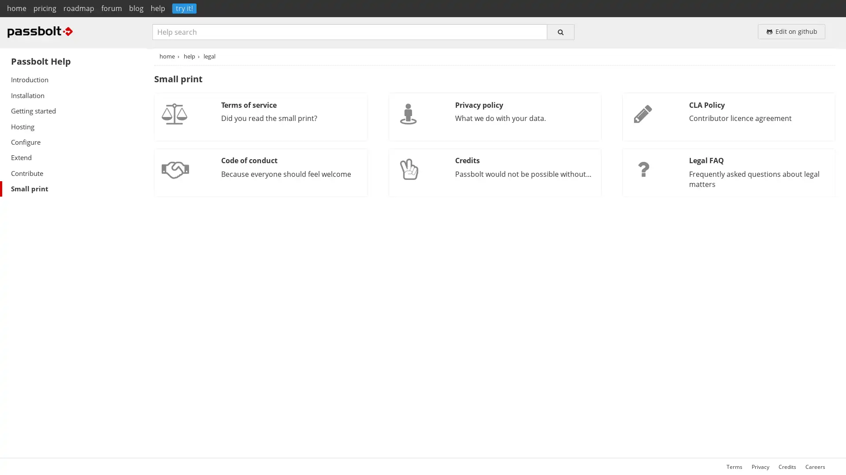  What do you see at coordinates (560, 31) in the screenshot?
I see `search` at bounding box center [560, 31].